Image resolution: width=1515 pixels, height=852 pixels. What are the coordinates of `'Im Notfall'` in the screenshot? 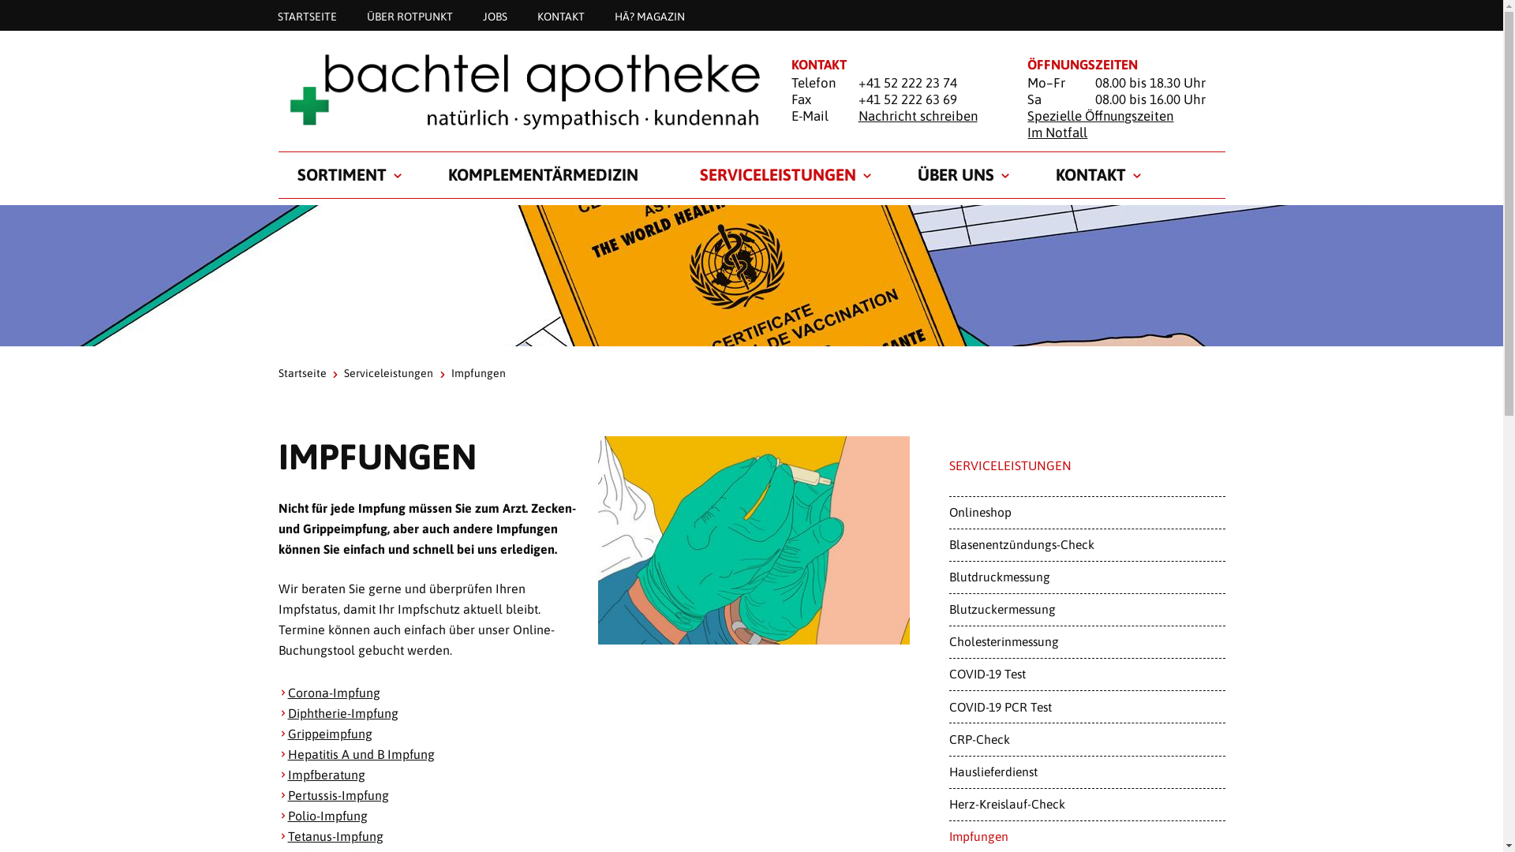 It's located at (1057, 132).